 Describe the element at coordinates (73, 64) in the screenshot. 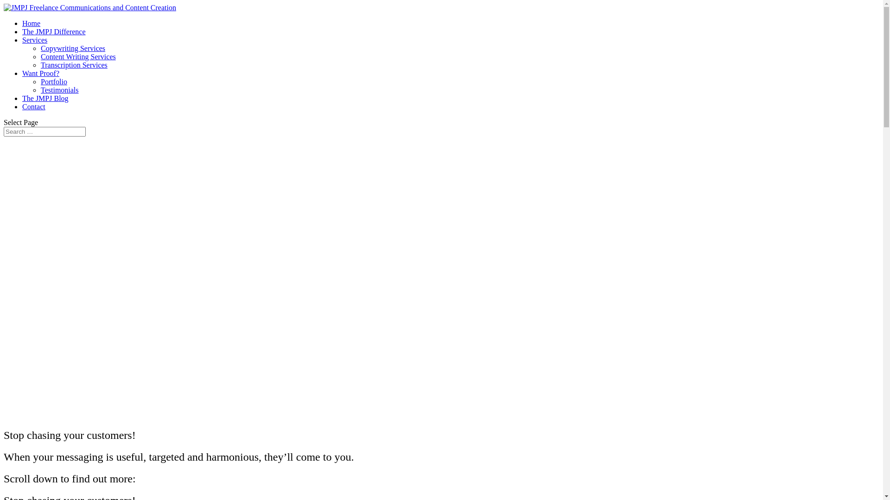

I see `'Transcription Services'` at that location.